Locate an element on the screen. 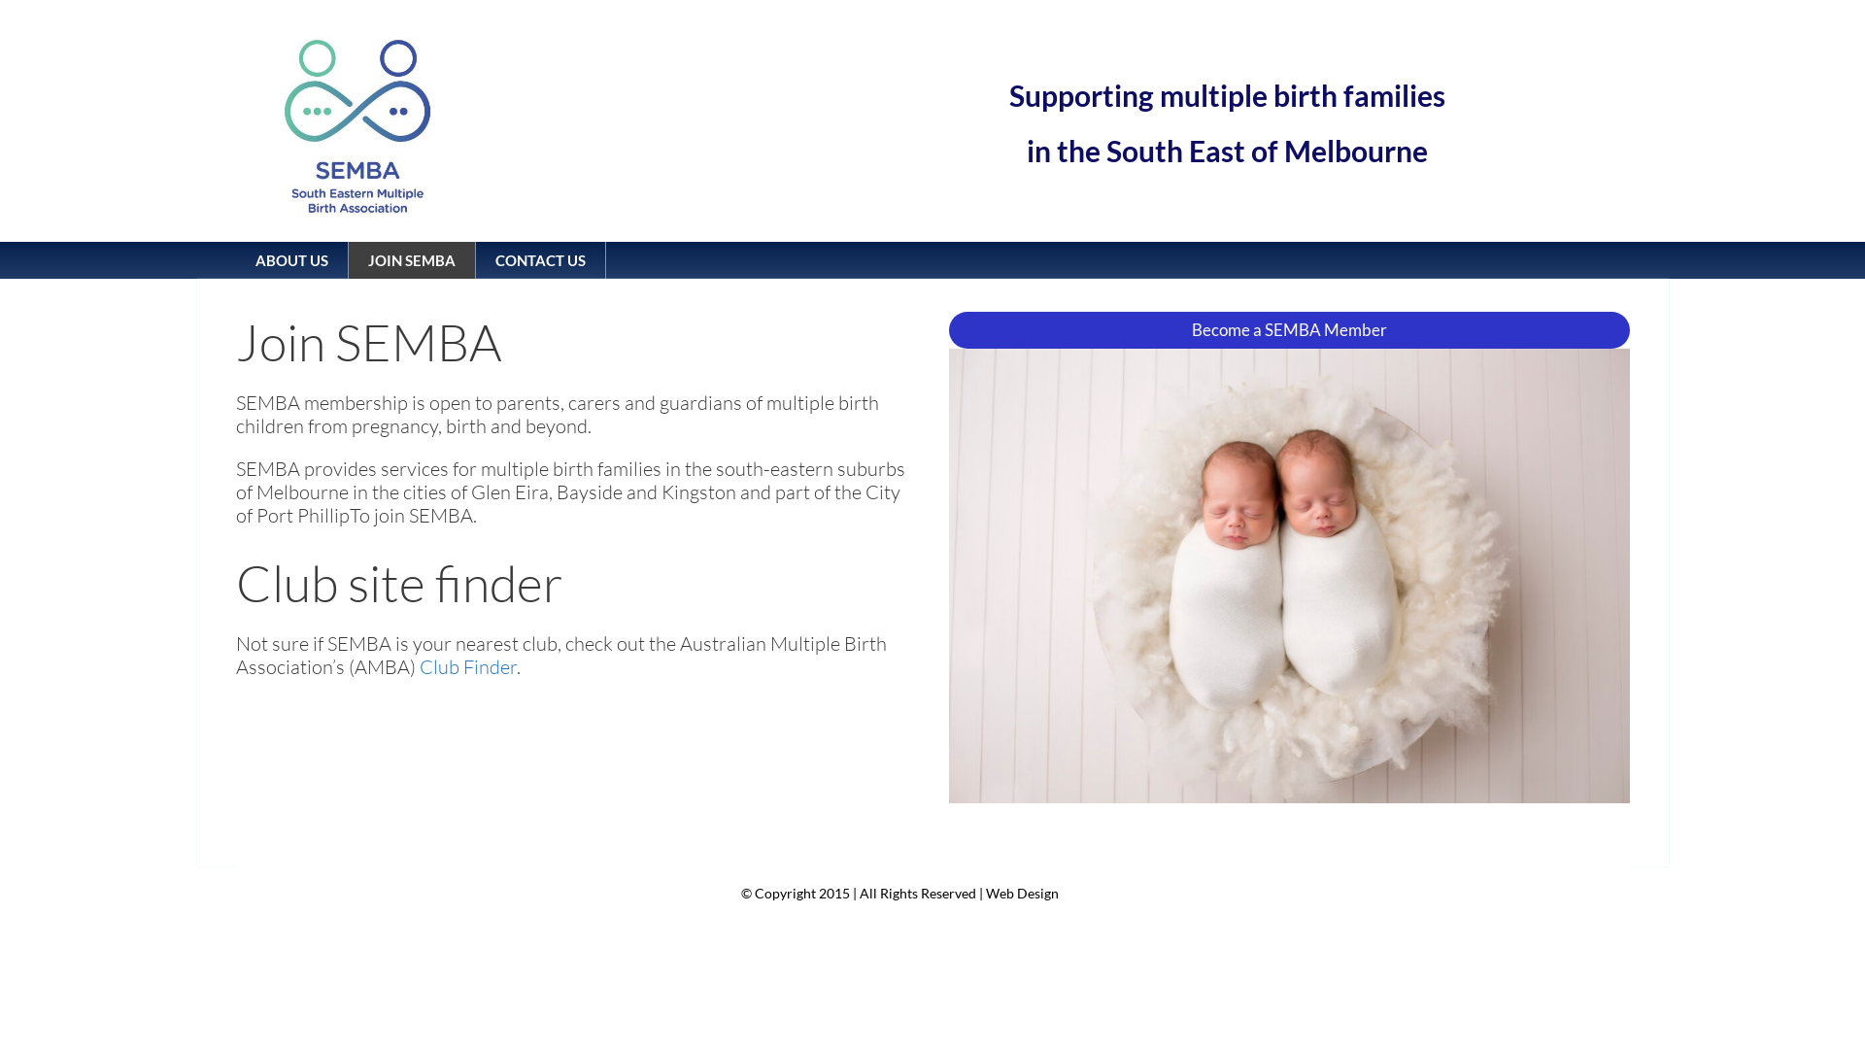 This screenshot has width=1865, height=1049. 'JOIN SEMBA' is located at coordinates (409, 258).